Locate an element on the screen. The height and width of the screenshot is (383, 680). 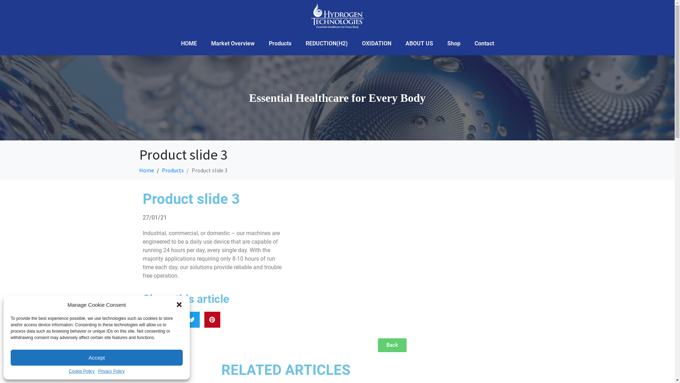
'HOME' is located at coordinates (173, 44).